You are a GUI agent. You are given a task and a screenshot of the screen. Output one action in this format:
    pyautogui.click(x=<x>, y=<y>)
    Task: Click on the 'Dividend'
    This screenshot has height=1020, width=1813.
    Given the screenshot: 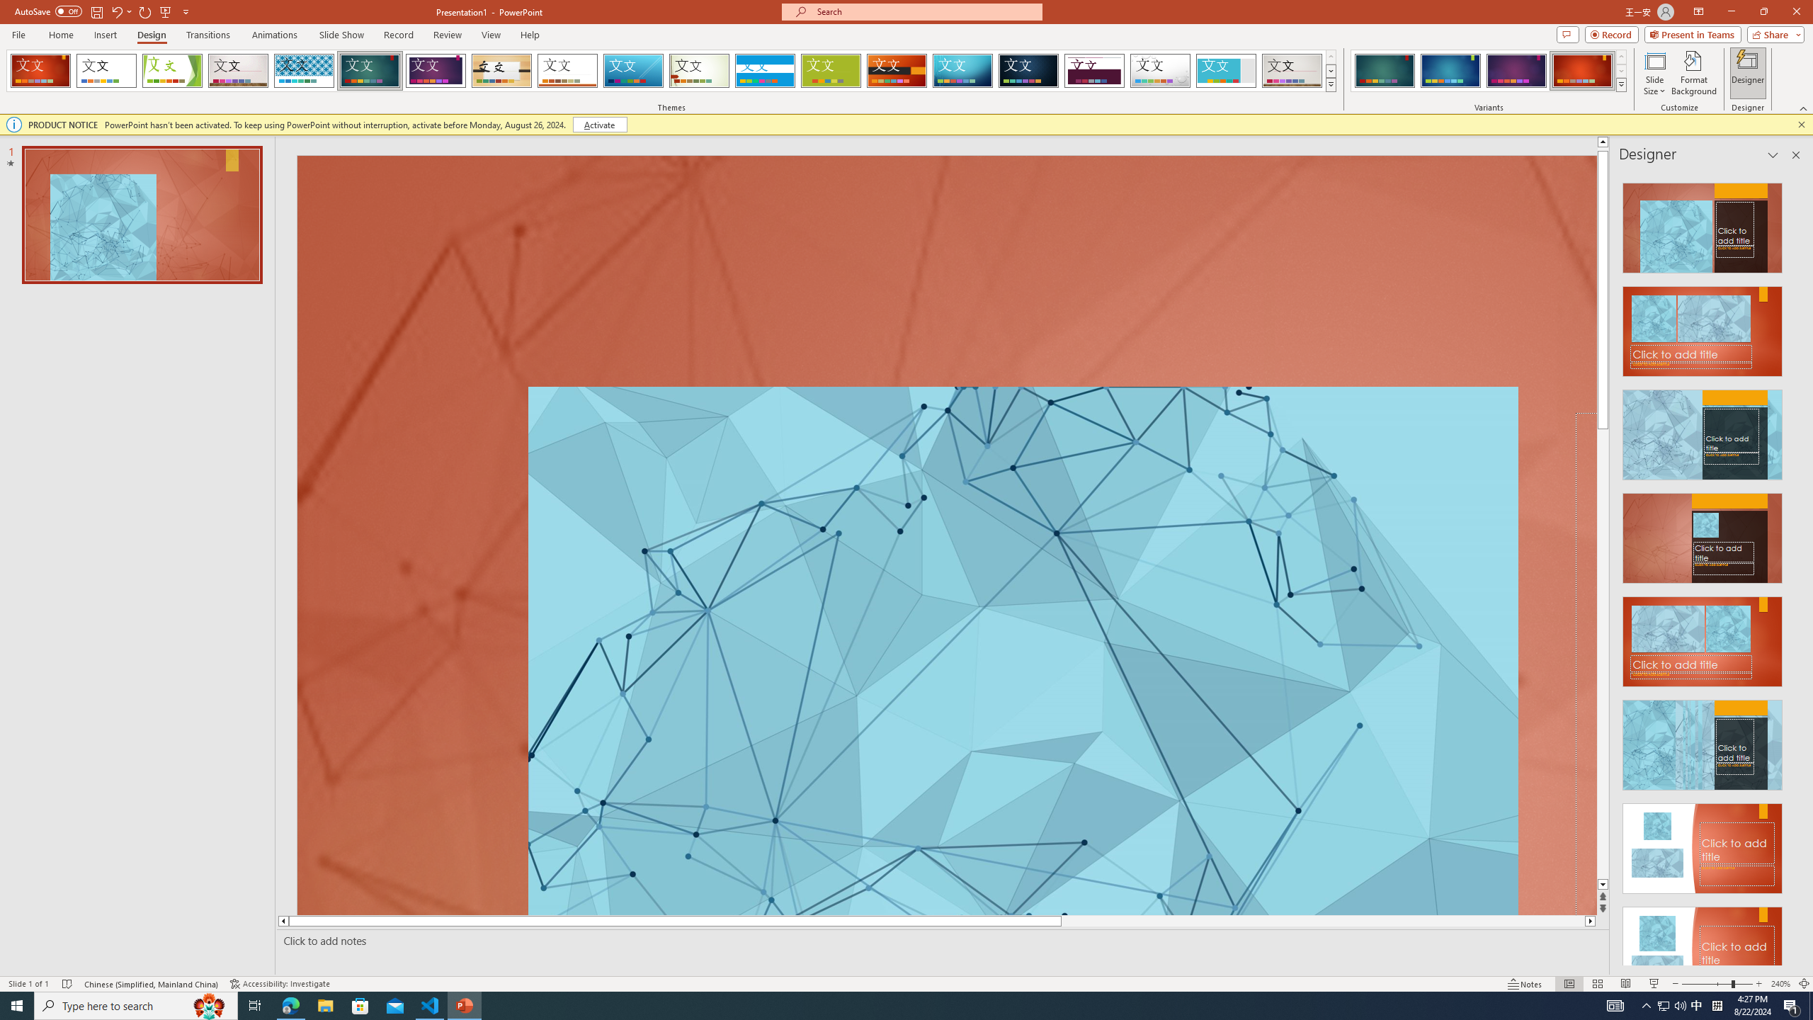 What is the action you would take?
    pyautogui.click(x=1094, y=70)
    